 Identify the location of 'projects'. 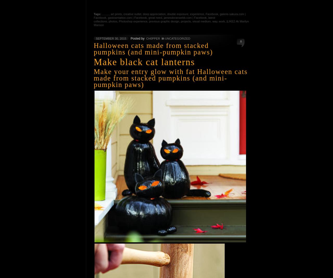
(186, 21).